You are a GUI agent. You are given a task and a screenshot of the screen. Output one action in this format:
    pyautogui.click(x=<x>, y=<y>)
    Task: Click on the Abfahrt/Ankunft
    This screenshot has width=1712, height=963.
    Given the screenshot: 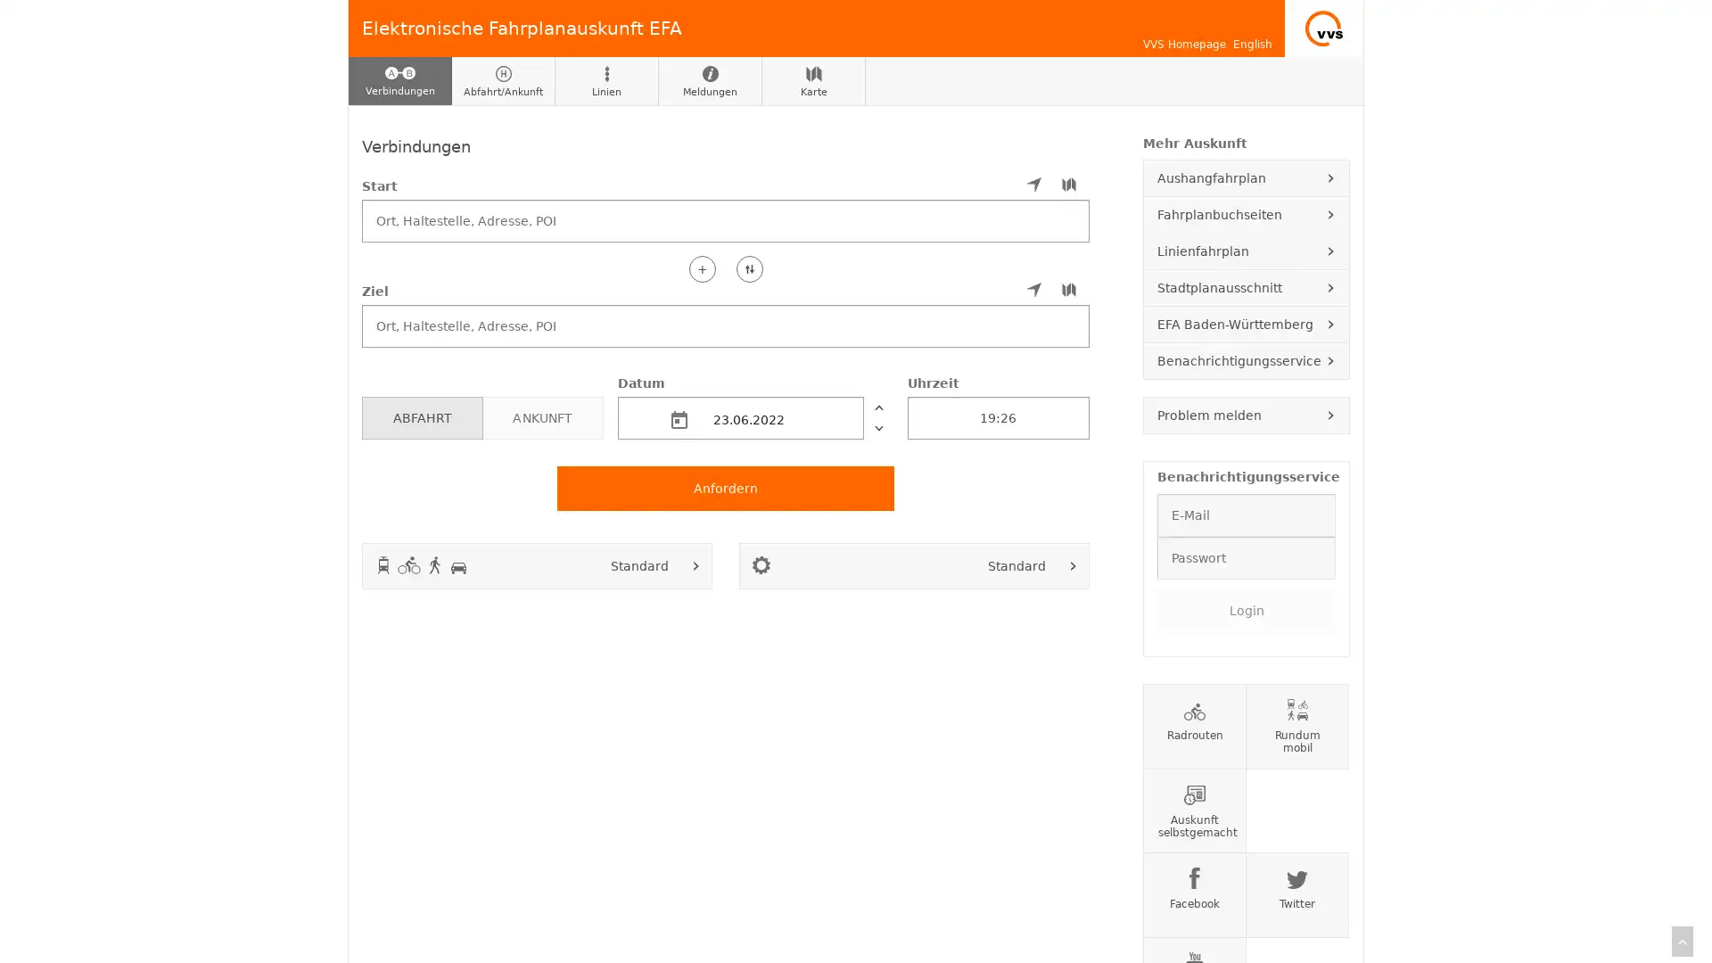 What is the action you would take?
    pyautogui.click(x=503, y=81)
    